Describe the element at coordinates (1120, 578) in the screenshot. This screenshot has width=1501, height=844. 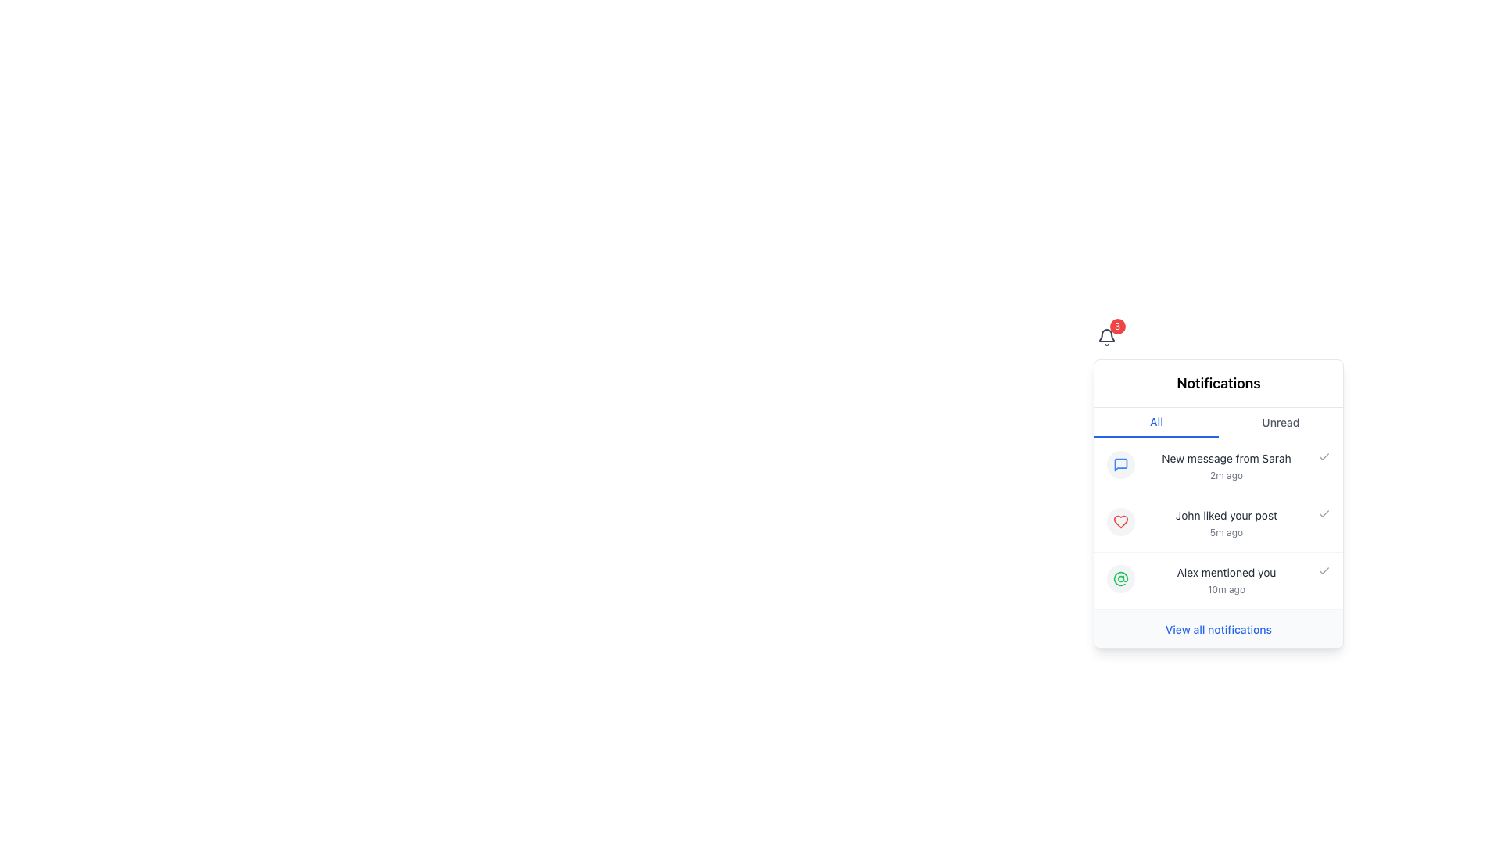
I see `the green '@' mention notification icon located at the bottom of the notifications list, next to the 'Alex mentioned you' notification` at that location.